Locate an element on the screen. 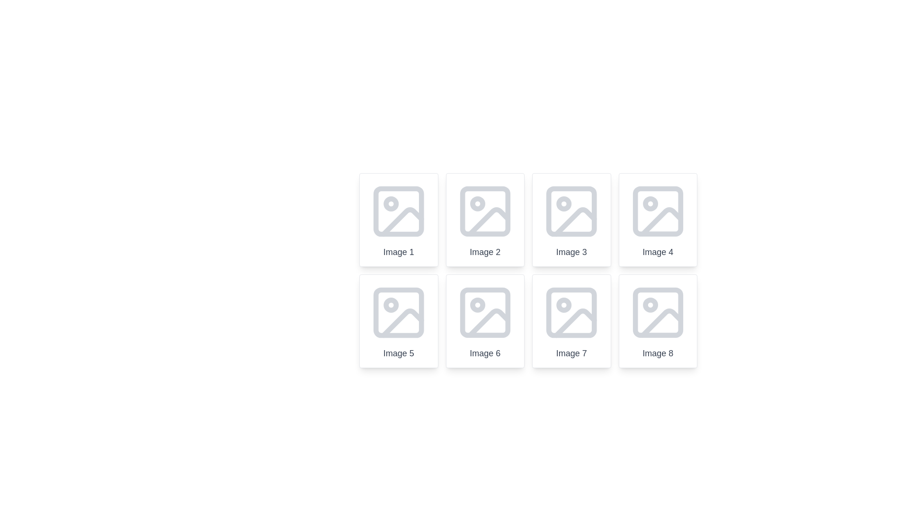 The width and height of the screenshot is (909, 511). the selectable card located in the fourth column of the second row in the grid layout is located at coordinates (657, 320).